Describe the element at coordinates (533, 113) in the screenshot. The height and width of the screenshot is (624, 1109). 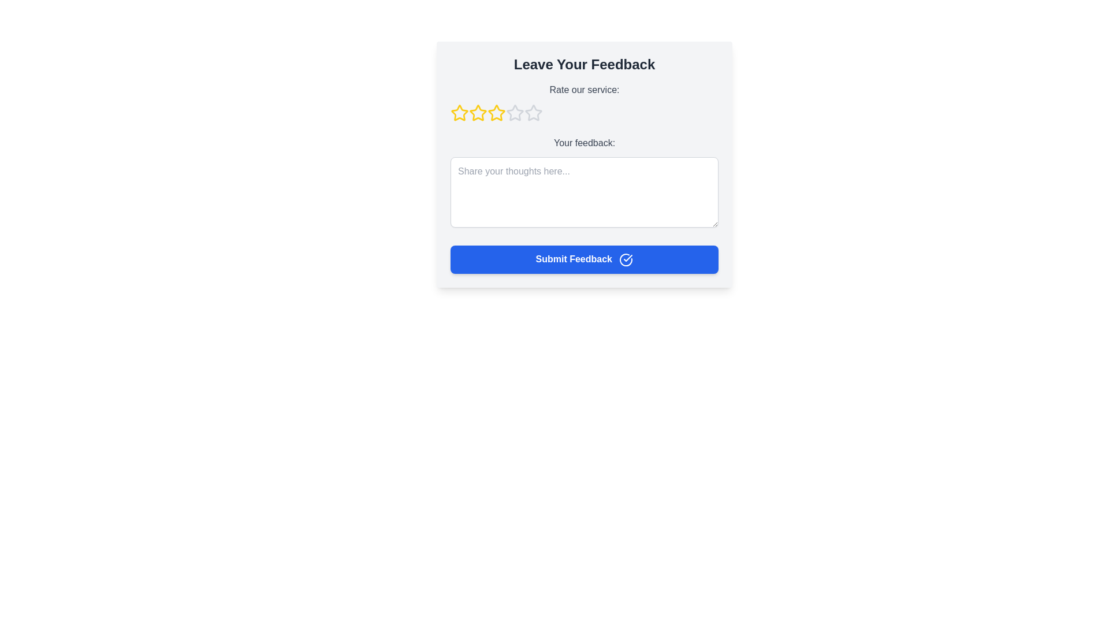
I see `the decorative gray hollow star icon, which is the fifth star in a star rating component` at that location.